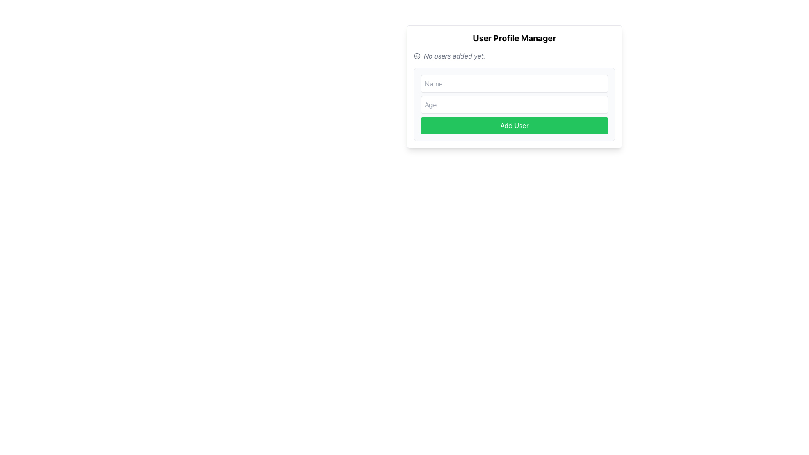  I want to click on the 'Add User' button, which is a vibrant green rectangular button with bold white text and rounded corners located at the bottom of a vertical form, so click(514, 125).